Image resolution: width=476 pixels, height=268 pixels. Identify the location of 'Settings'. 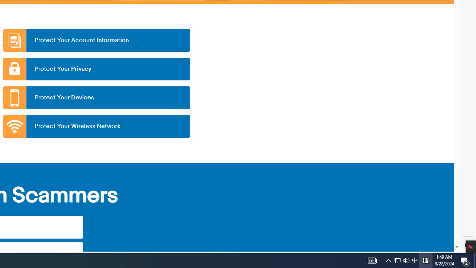
(467, 245).